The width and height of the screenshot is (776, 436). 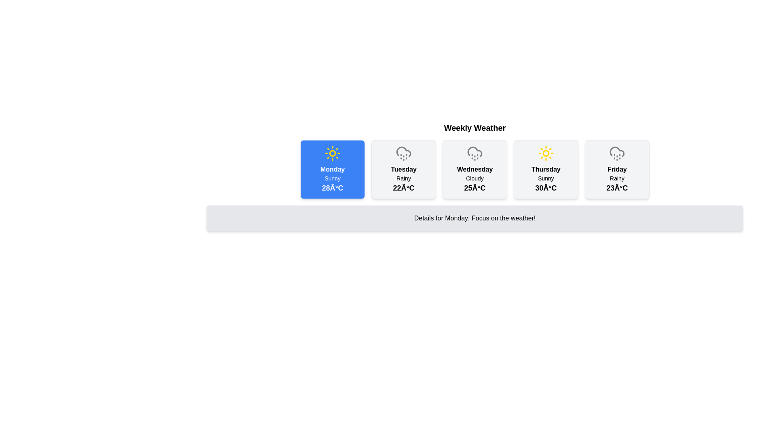 What do you see at coordinates (475, 169) in the screenshot?
I see `the weather forecast button for Wednesday, located between the Tuesday and Thursday weather cards` at bounding box center [475, 169].